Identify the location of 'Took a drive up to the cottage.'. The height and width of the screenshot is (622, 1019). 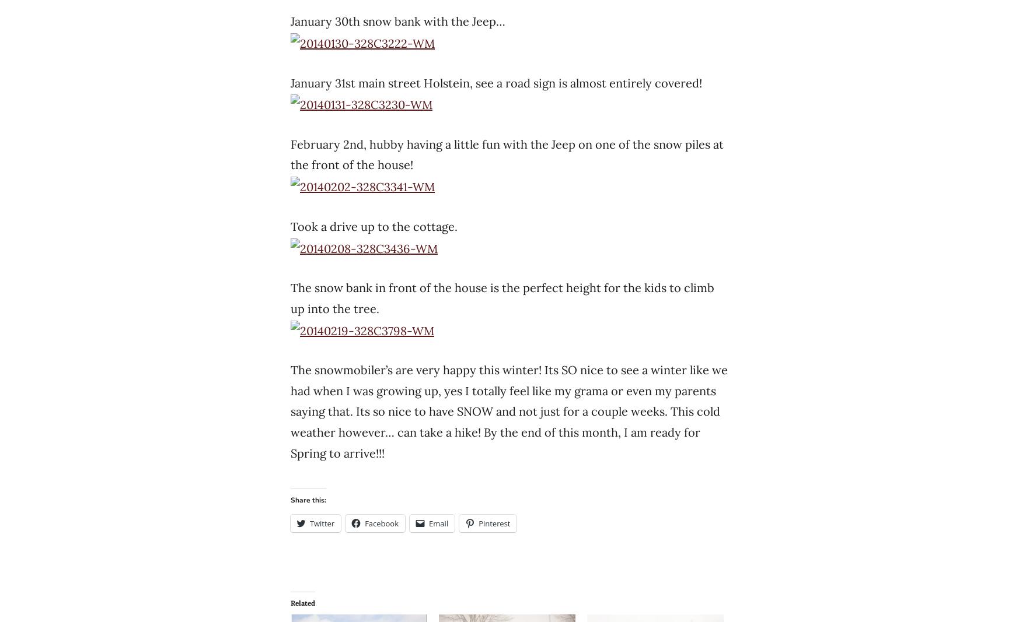
(374, 225).